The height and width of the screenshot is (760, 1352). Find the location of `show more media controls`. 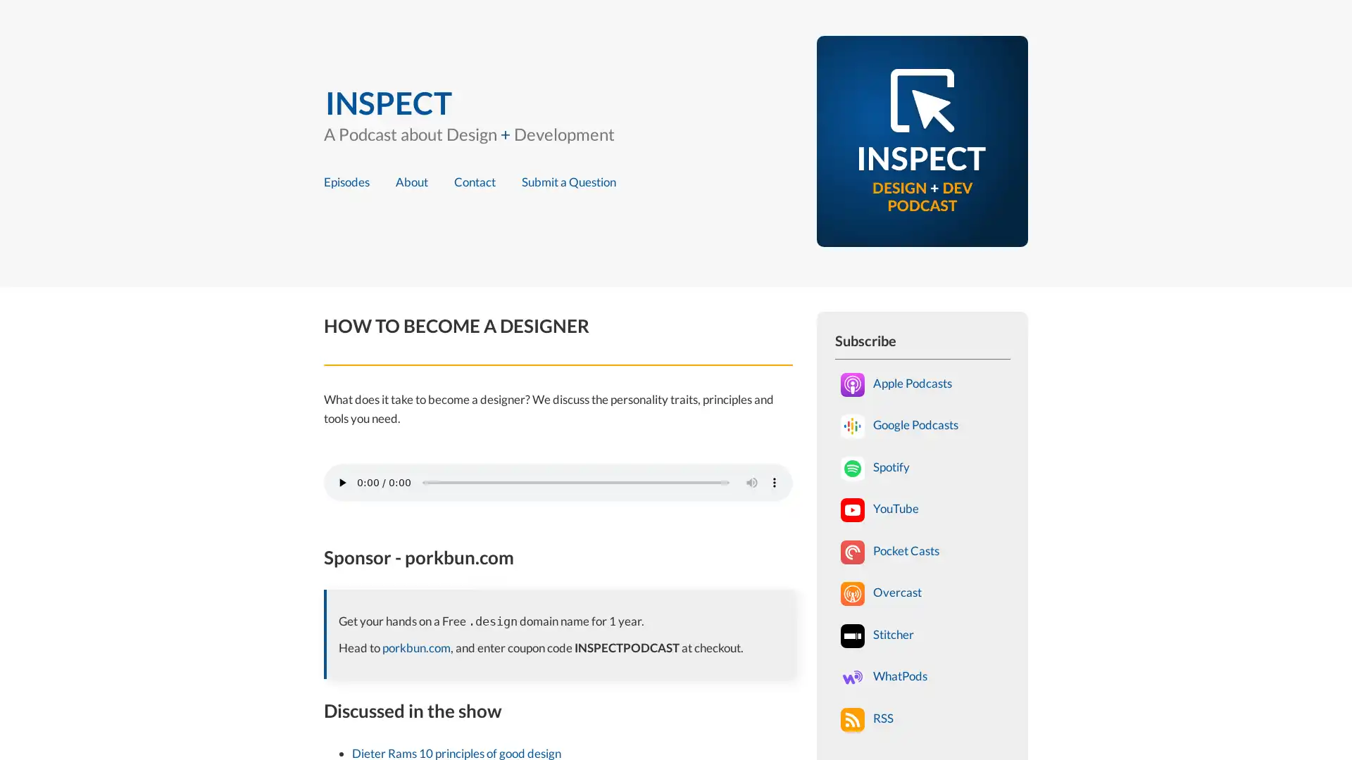

show more media controls is located at coordinates (773, 482).